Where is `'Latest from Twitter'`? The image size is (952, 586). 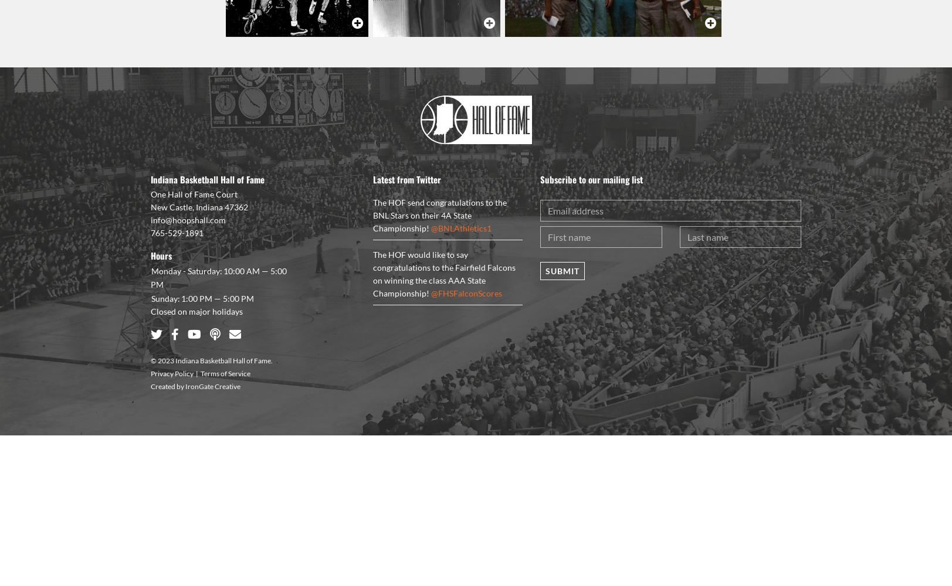
'Latest from Twitter' is located at coordinates (406, 179).